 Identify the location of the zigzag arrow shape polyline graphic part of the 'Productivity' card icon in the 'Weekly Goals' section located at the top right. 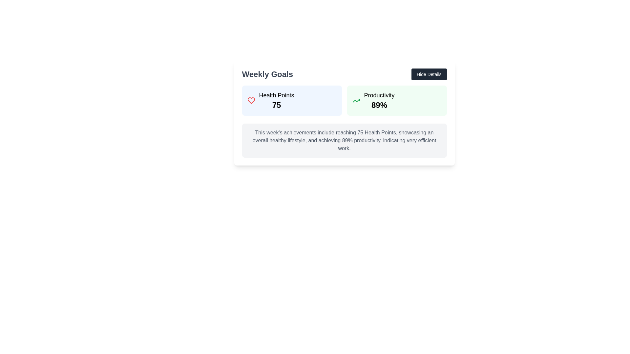
(356, 101).